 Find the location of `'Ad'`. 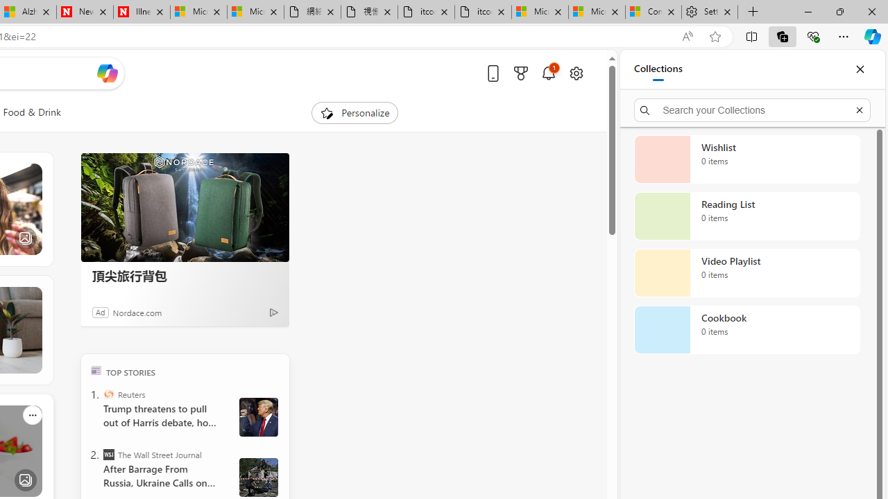

'Ad' is located at coordinates (100, 312).